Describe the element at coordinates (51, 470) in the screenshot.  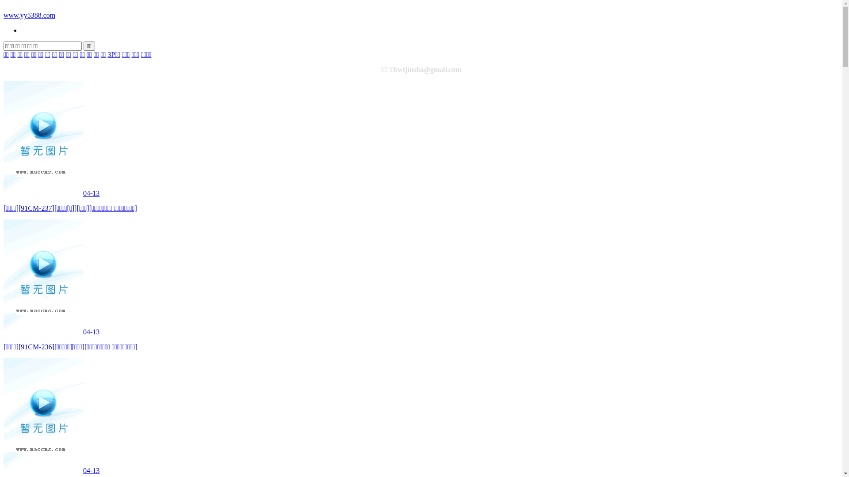
I see `'04-13'` at that location.